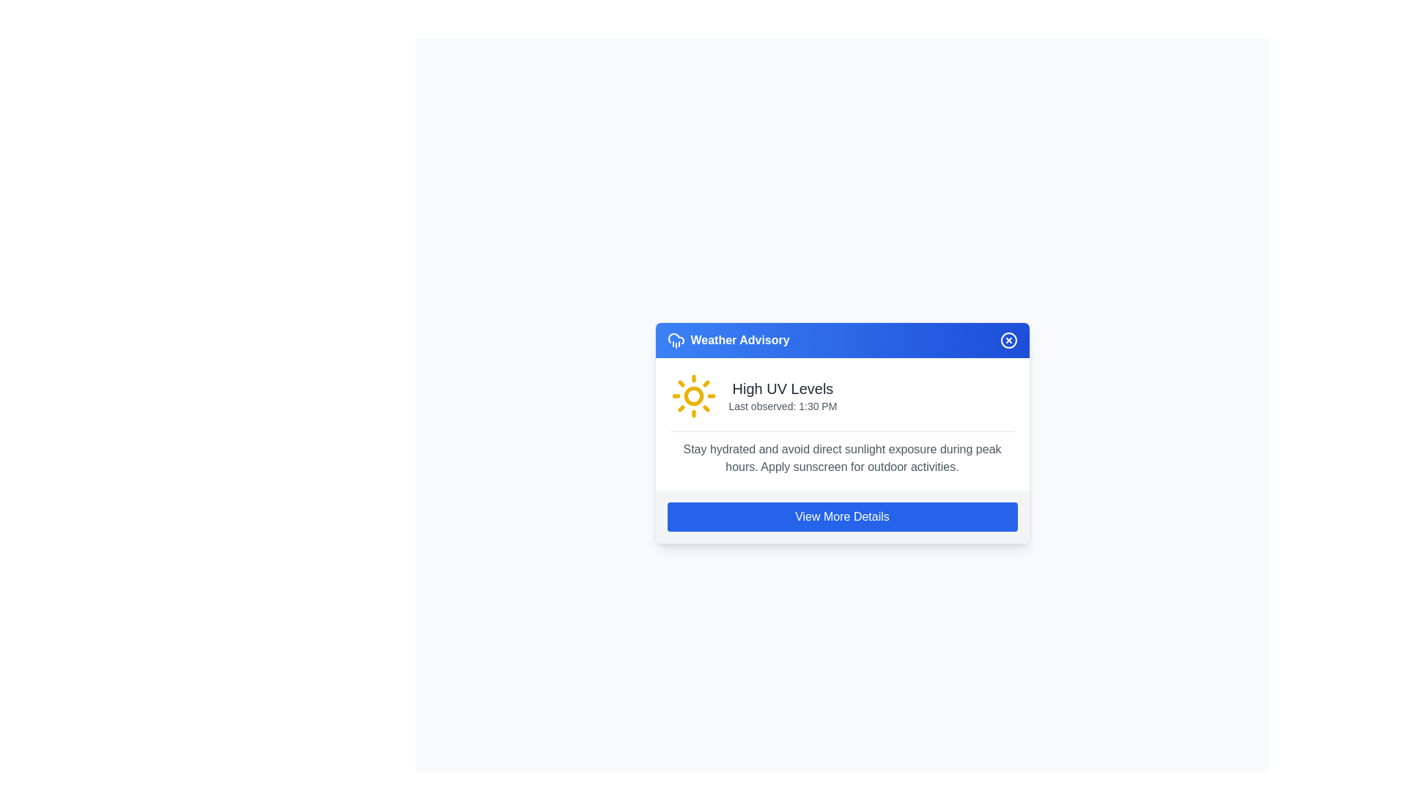 The width and height of the screenshot is (1407, 791). What do you see at coordinates (842, 516) in the screenshot?
I see `the button labeled 'View More Details' with a blue background` at bounding box center [842, 516].